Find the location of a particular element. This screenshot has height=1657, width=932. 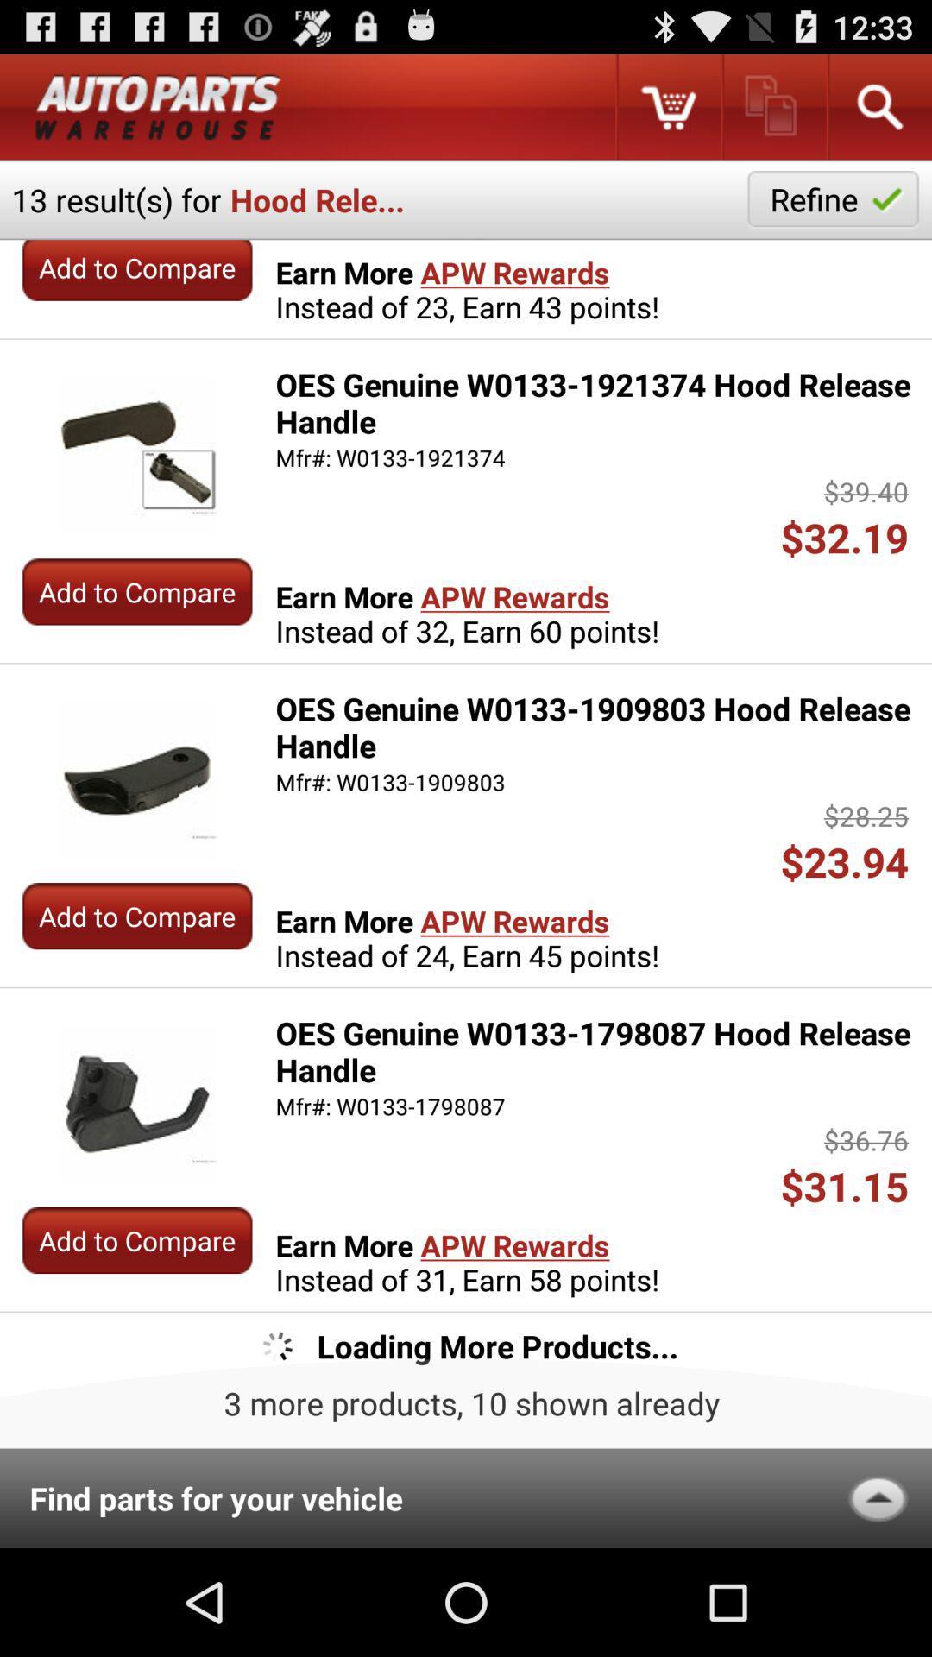

the cart icon is located at coordinates (667, 113).